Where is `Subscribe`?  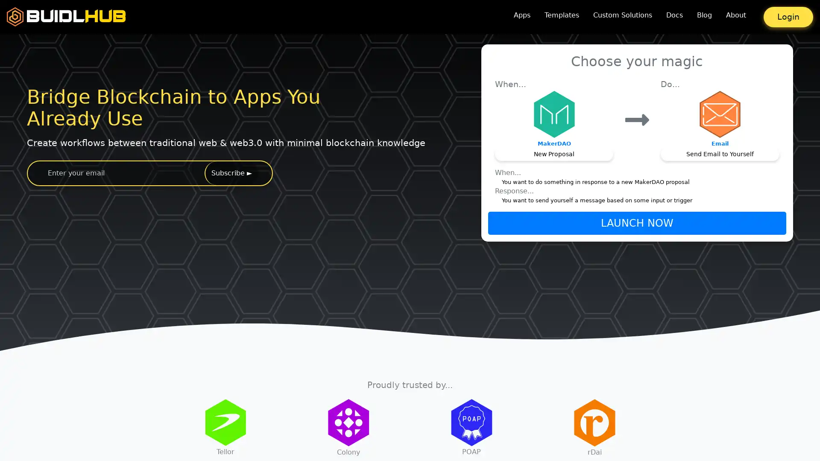
Subscribe is located at coordinates (231, 173).